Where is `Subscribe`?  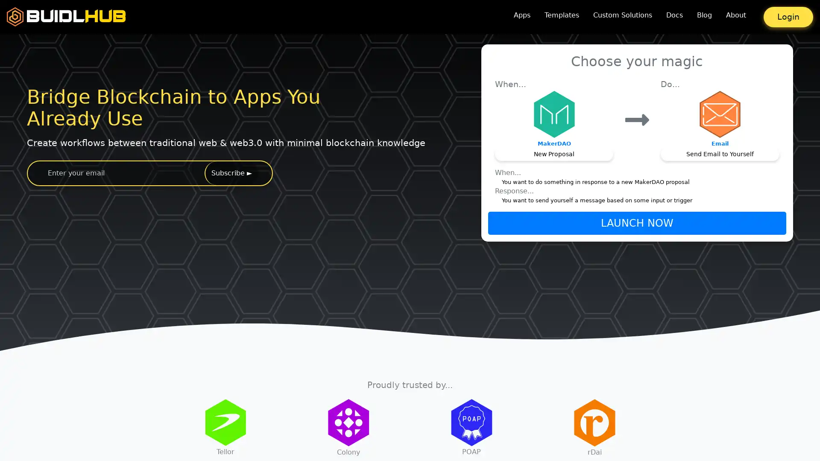
Subscribe is located at coordinates (231, 173).